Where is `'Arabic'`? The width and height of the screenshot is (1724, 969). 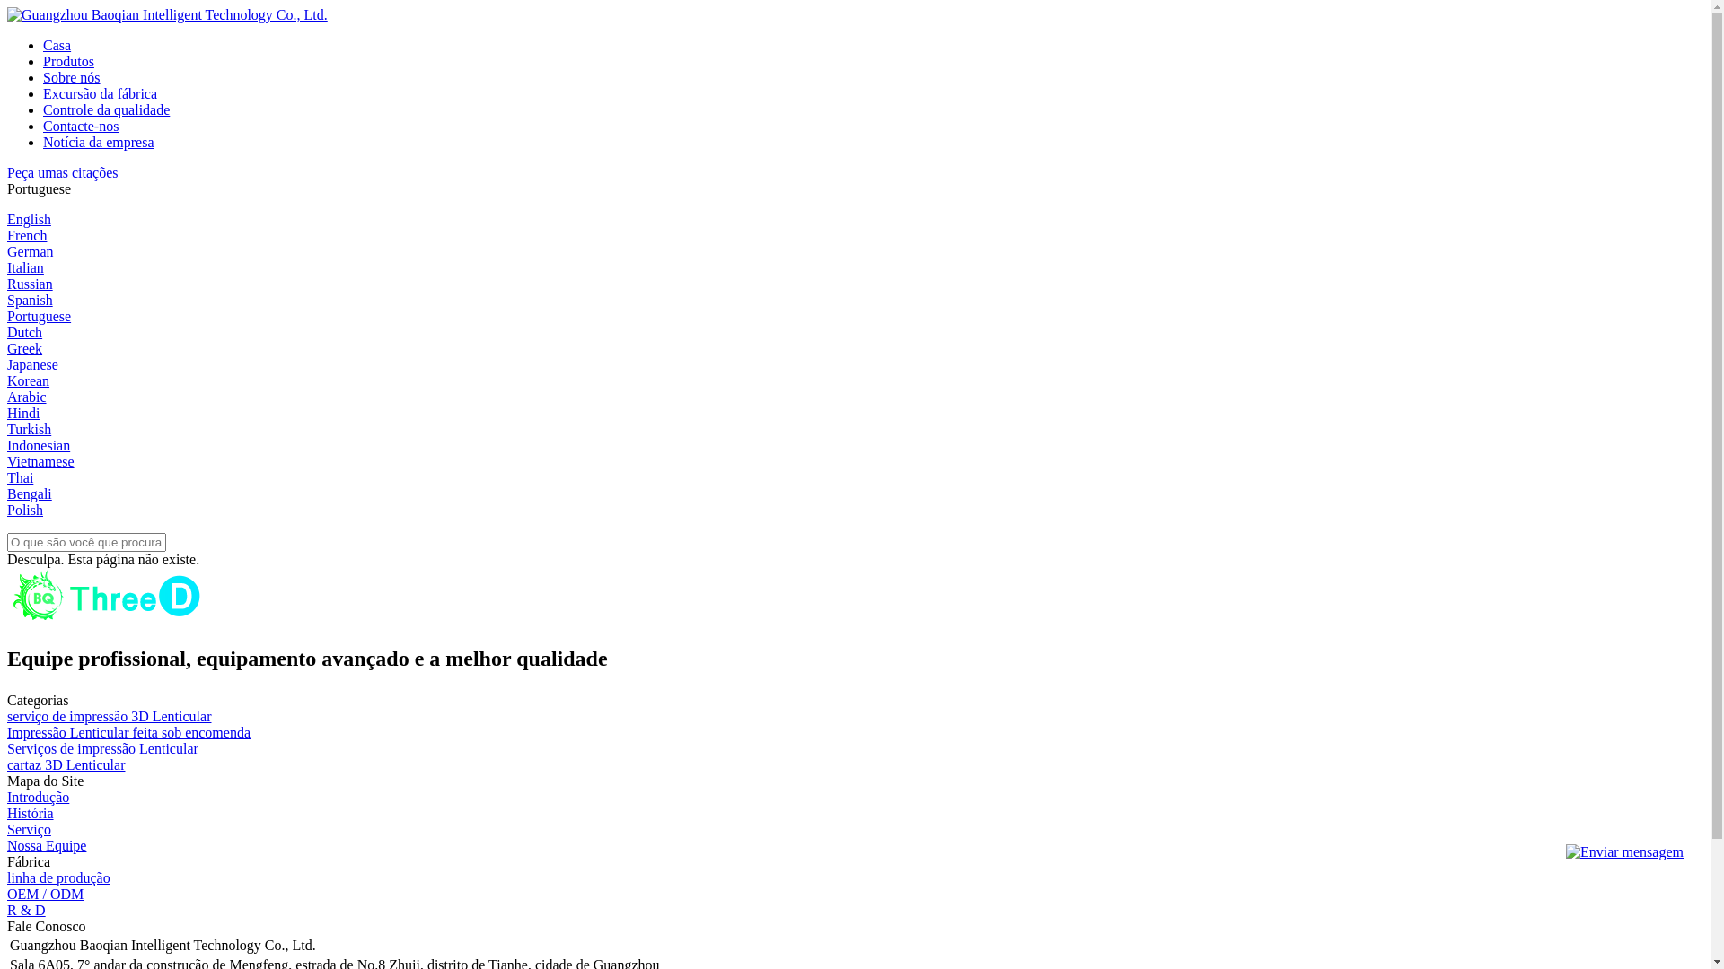
'Arabic' is located at coordinates (26, 396).